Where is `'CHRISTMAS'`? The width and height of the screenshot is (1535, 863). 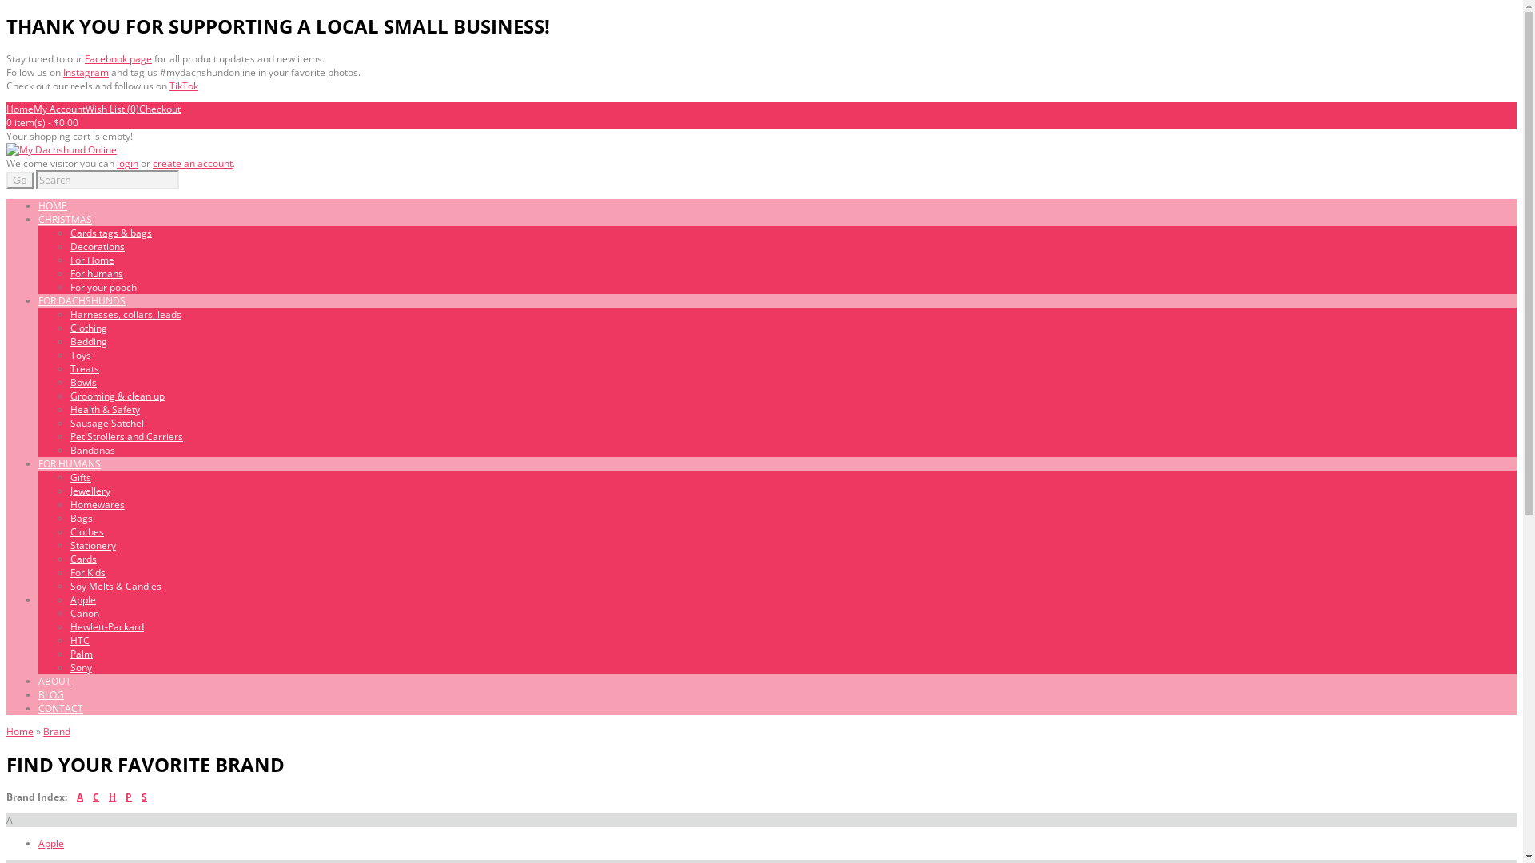
'CHRISTMAS' is located at coordinates (64, 219).